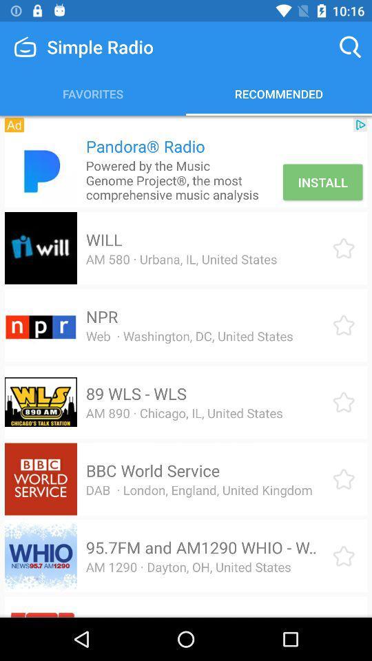 The height and width of the screenshot is (661, 372). I want to click on the install icon, so click(322, 181).